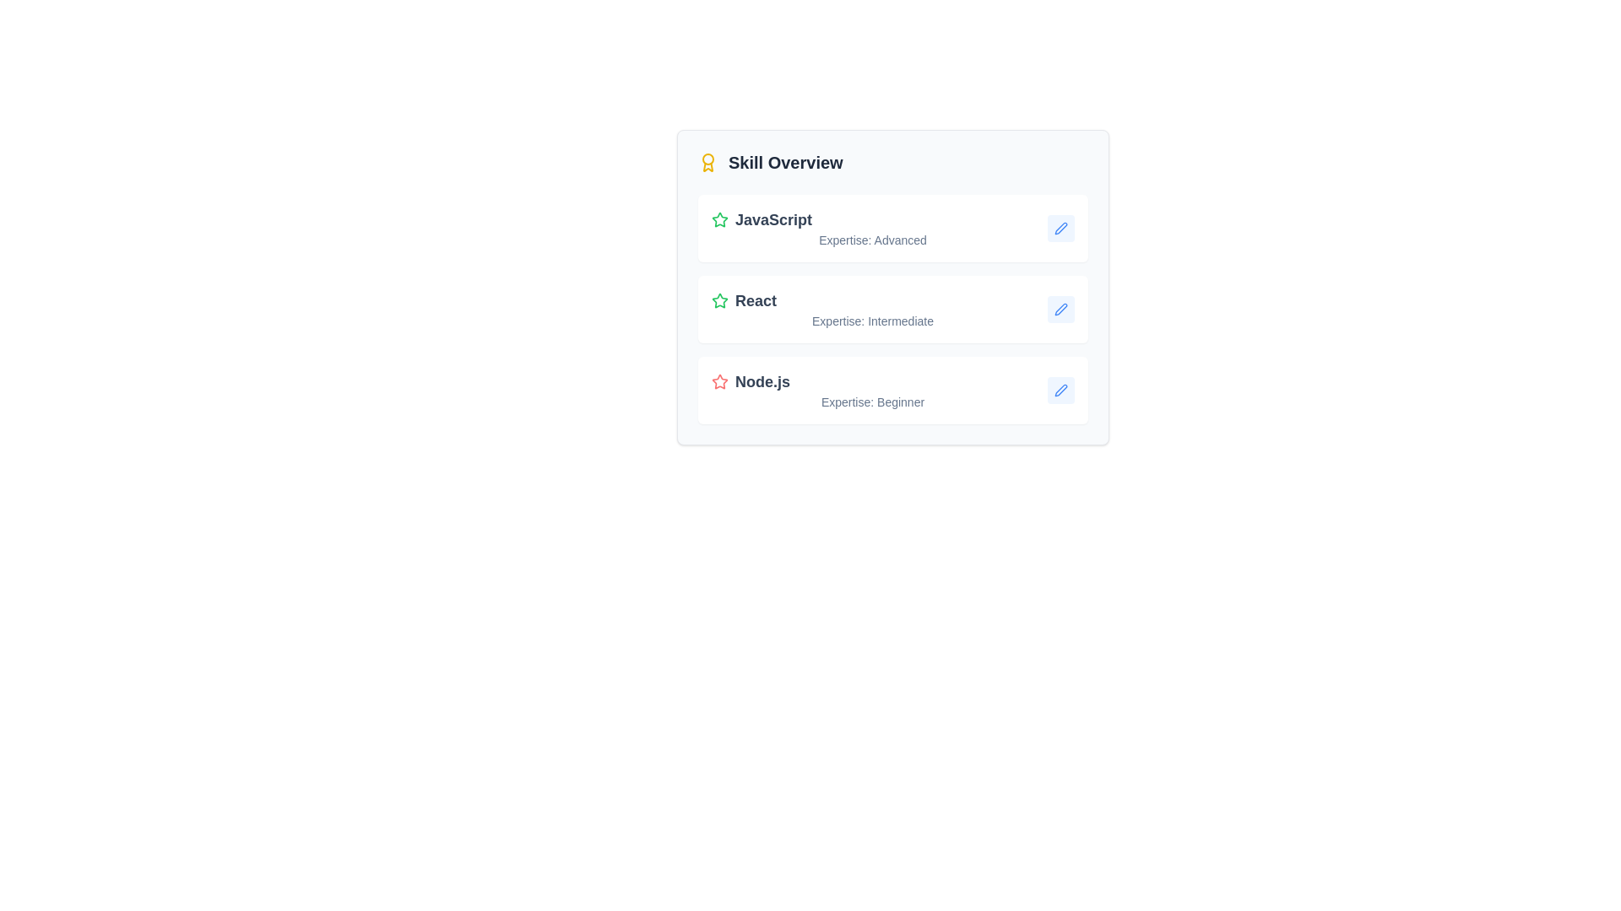 The width and height of the screenshot is (1621, 911). Describe the element at coordinates (720, 381) in the screenshot. I see `the distinctive red star icon located to the left of the Node.js skill in the Skill Overview section` at that location.